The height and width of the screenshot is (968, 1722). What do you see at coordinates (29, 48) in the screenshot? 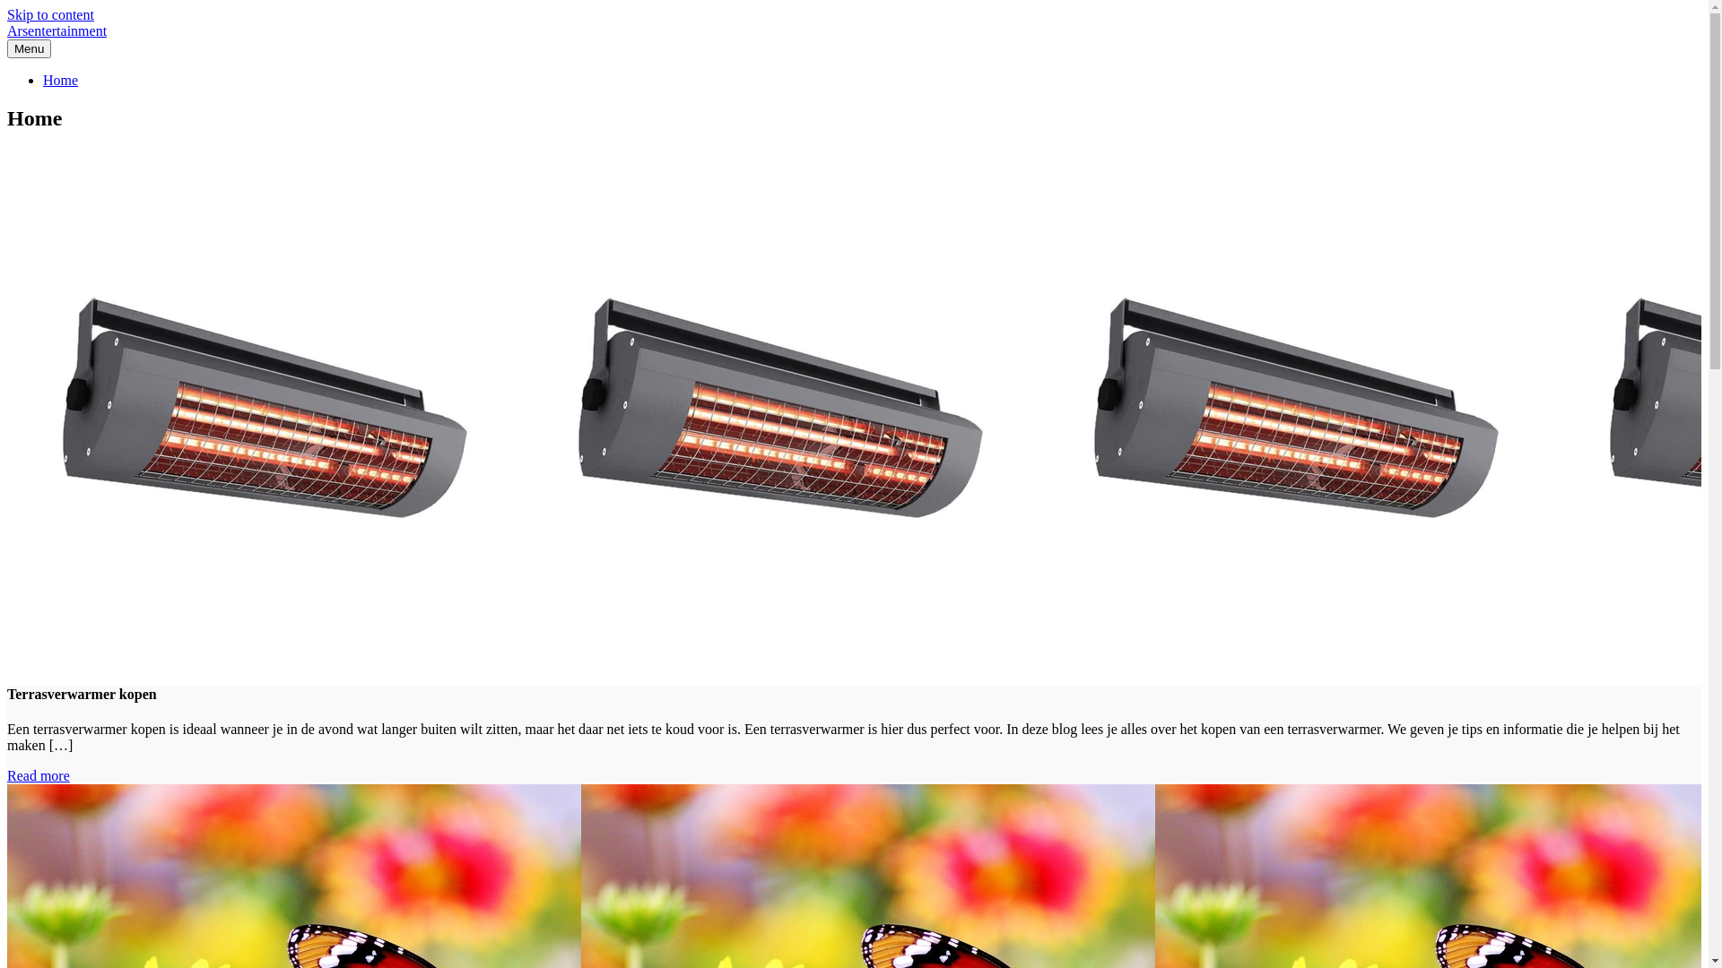
I see `'Menu'` at bounding box center [29, 48].